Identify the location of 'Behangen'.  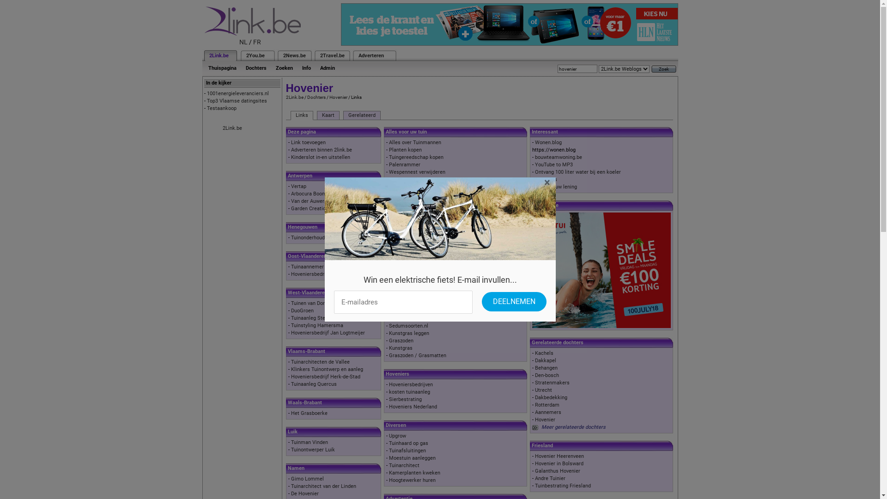
(535, 367).